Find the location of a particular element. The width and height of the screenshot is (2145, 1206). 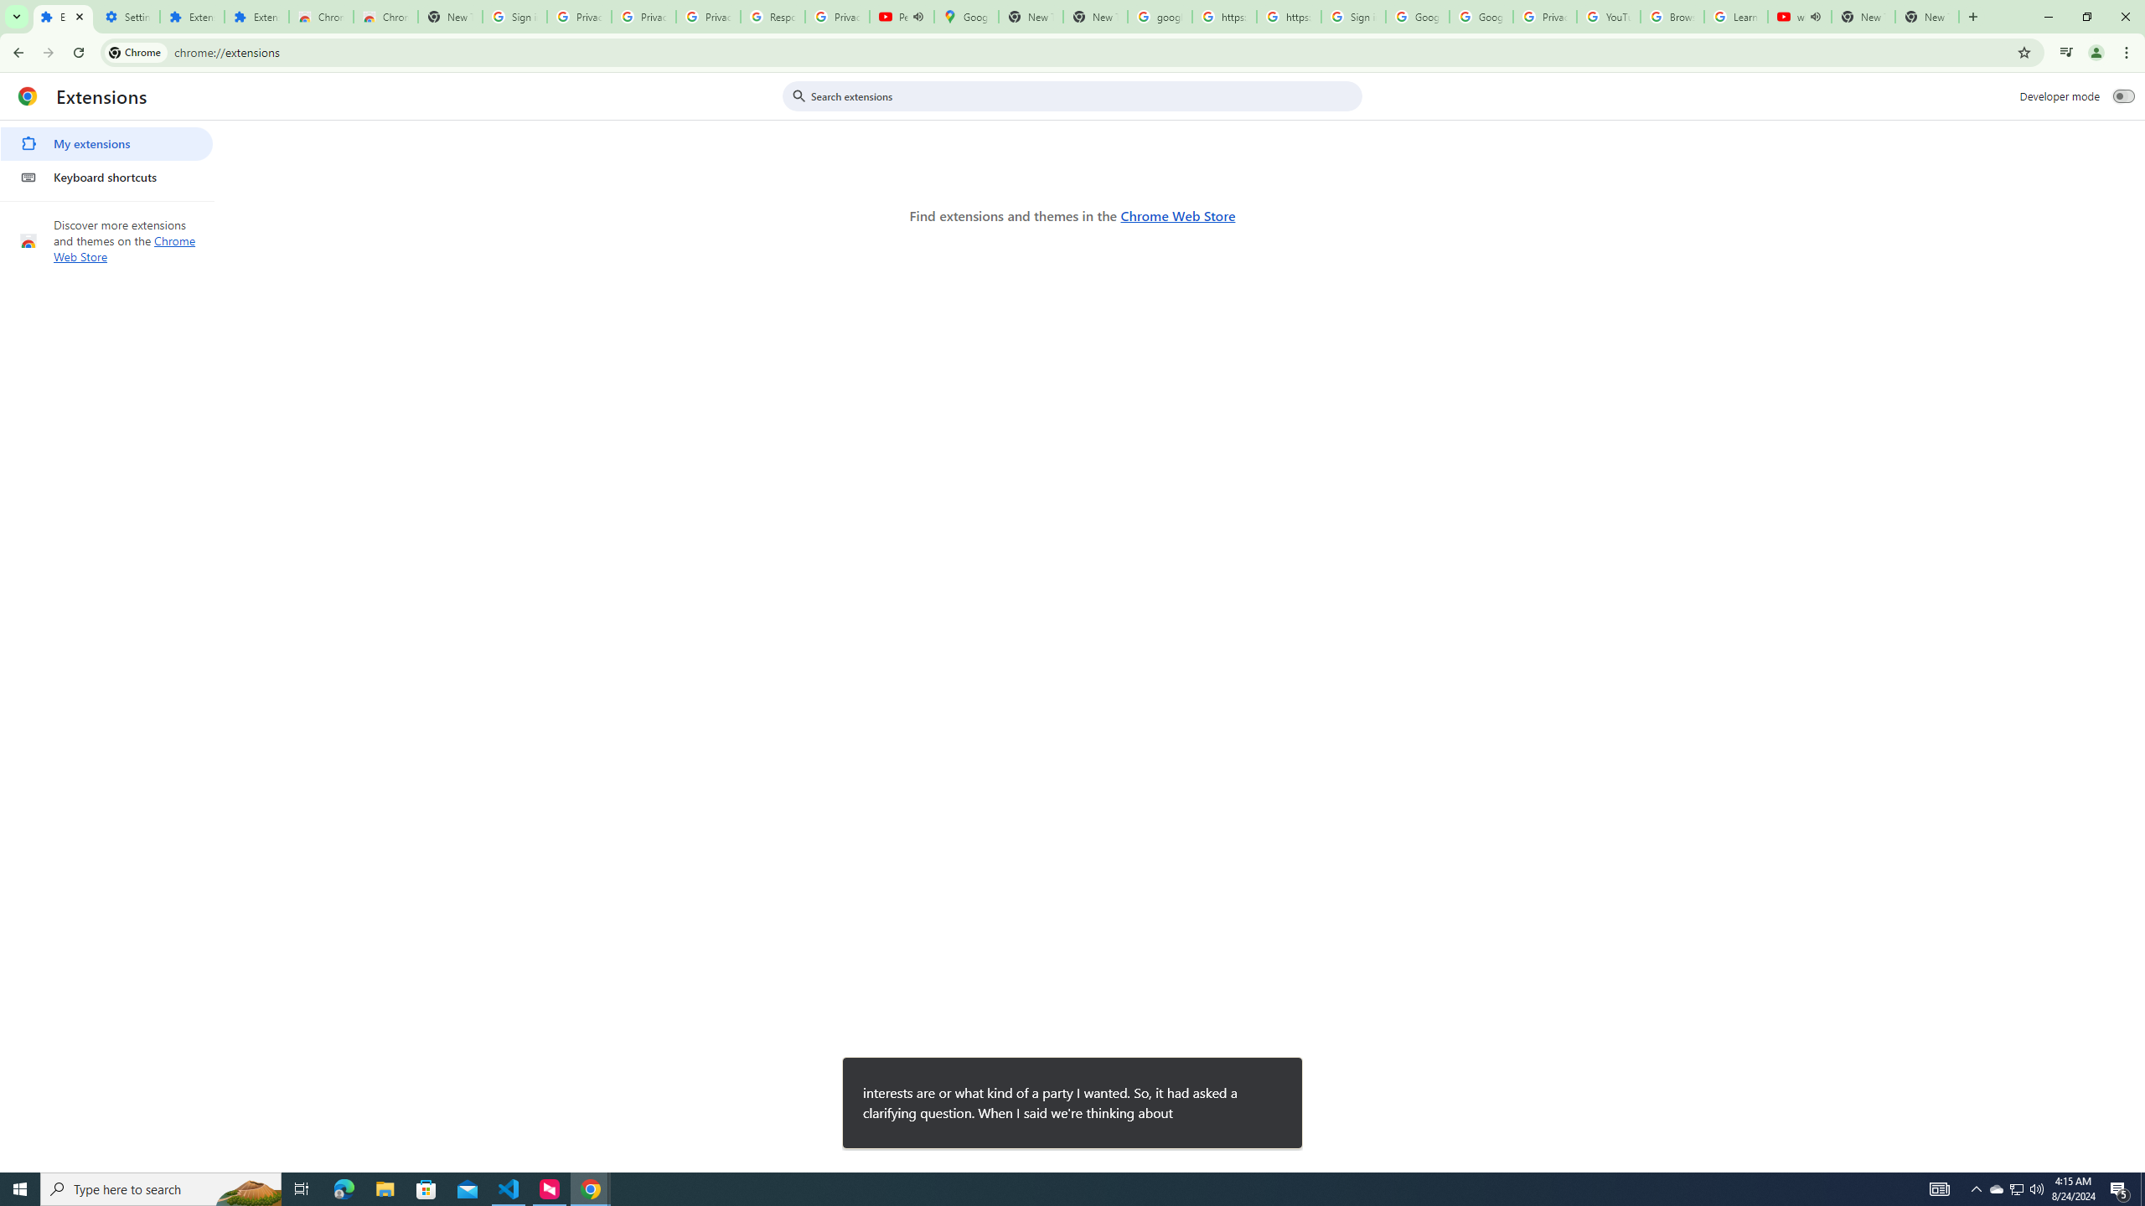

'Settings' is located at coordinates (127, 16).